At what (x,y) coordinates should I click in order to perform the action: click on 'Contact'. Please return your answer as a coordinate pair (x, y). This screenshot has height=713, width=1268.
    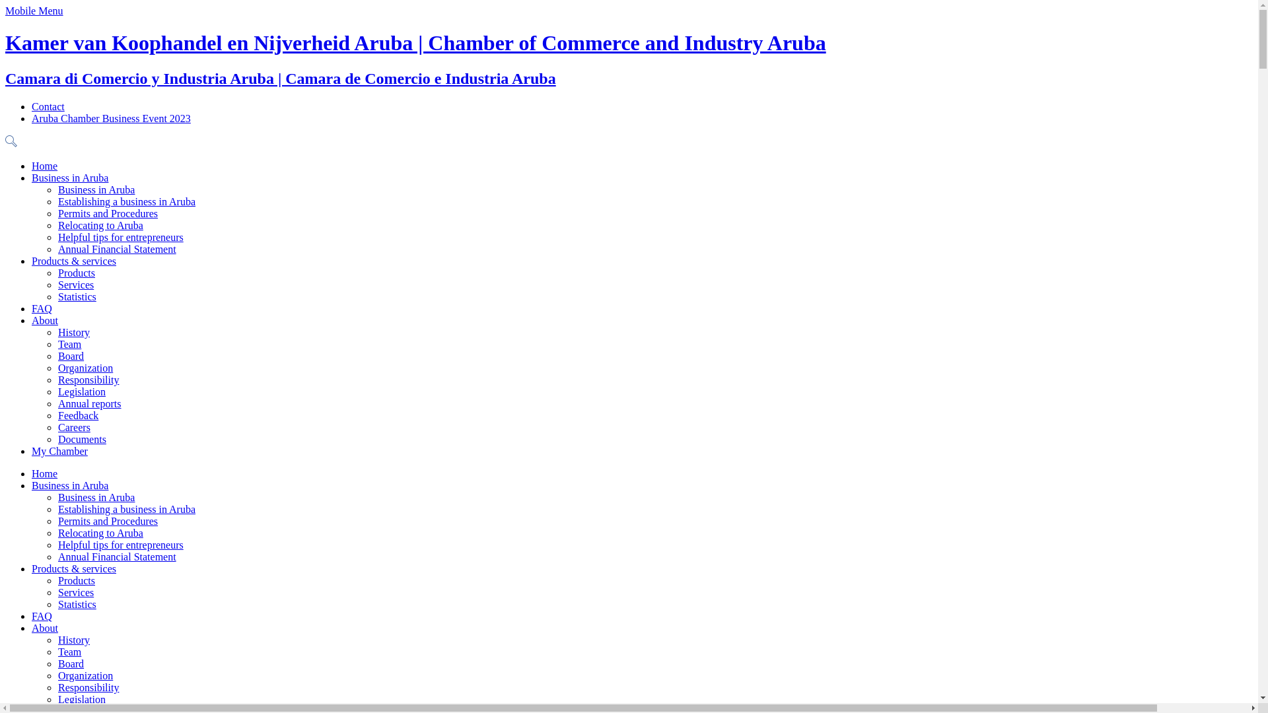
    Looking at the image, I should click on (32, 106).